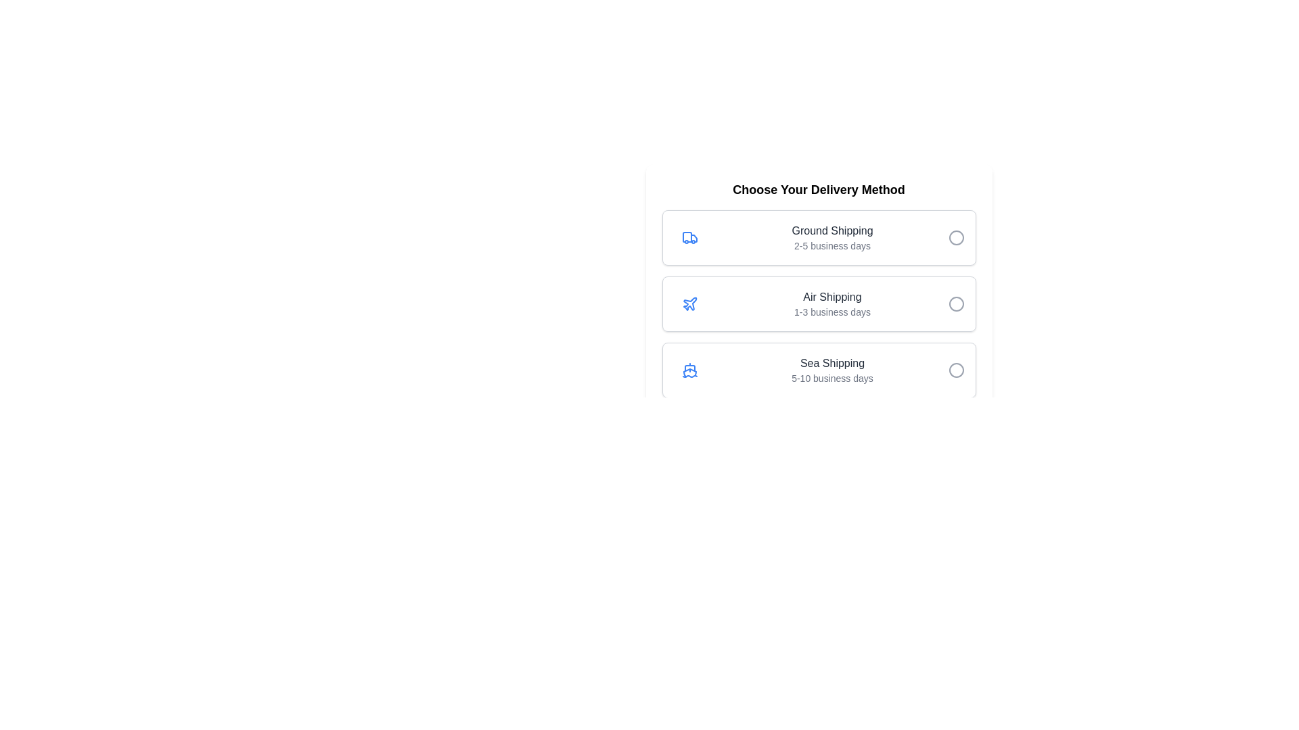 The width and height of the screenshot is (1299, 730). Describe the element at coordinates (831, 245) in the screenshot. I see `the text element displaying '2-5 business days', which is located below the 'Ground Shipping' label` at that location.